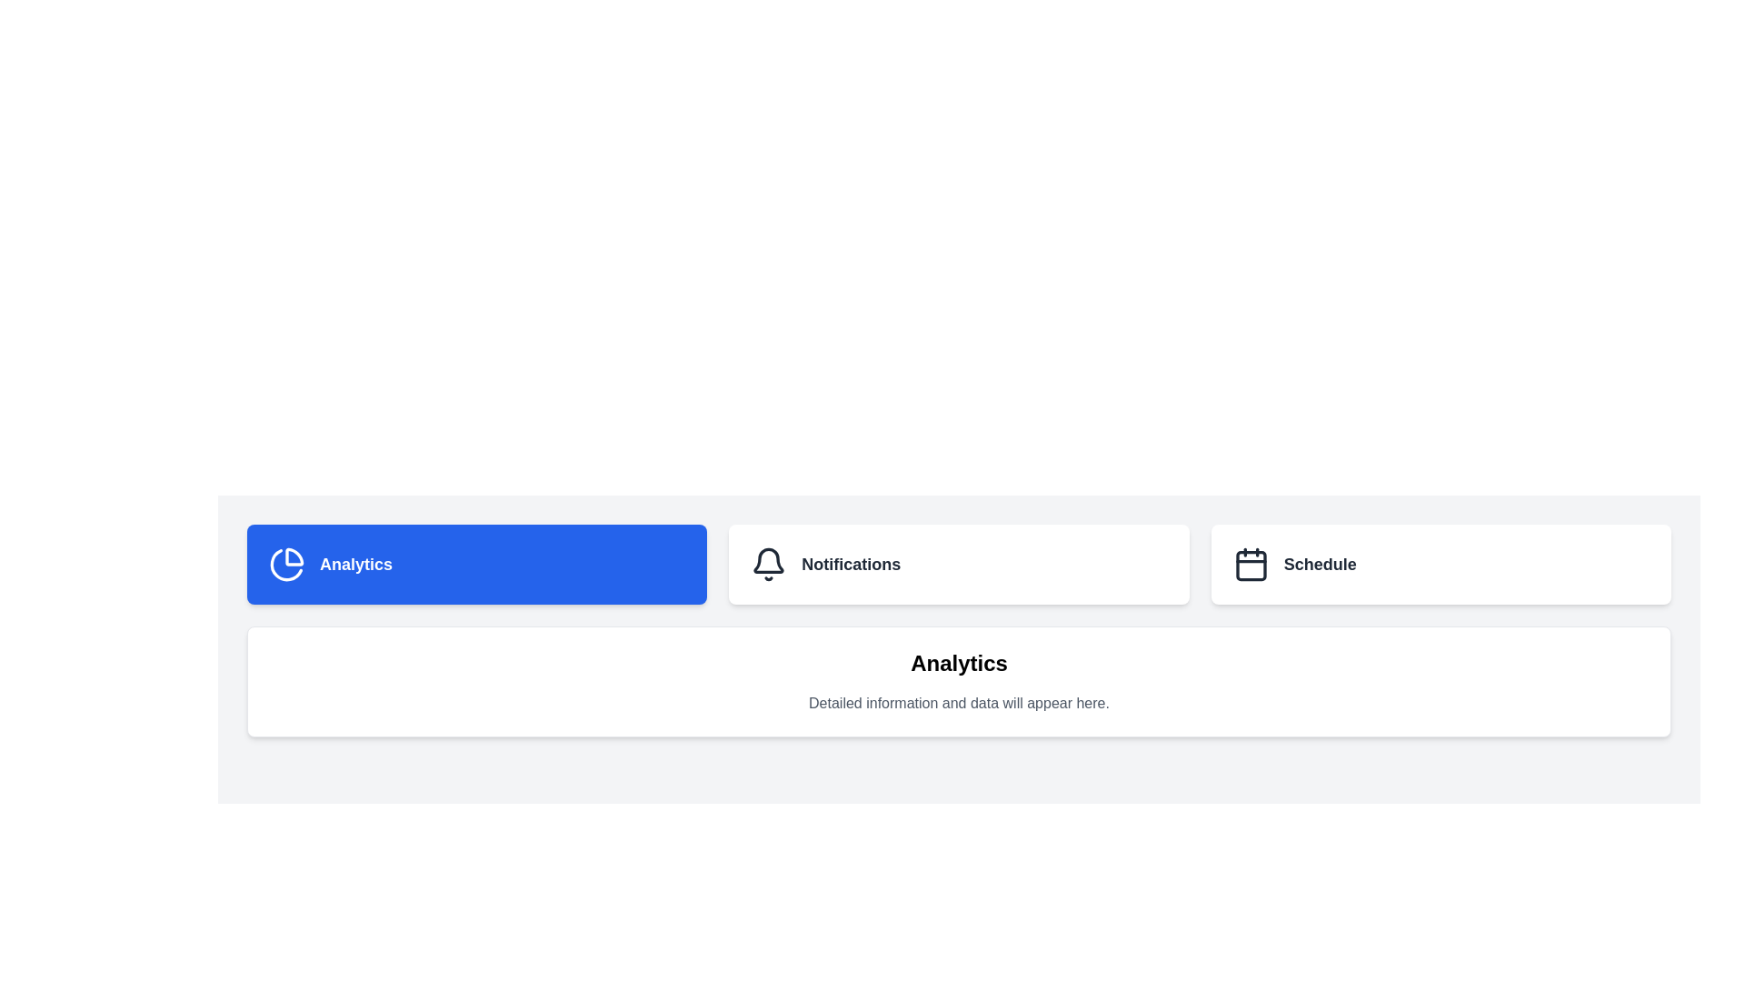 This screenshot has width=1745, height=982. What do you see at coordinates (286, 564) in the screenshot?
I see `the pie chart icon located inside the 'Analytics' button, which is the first button in the navigation bar` at bounding box center [286, 564].